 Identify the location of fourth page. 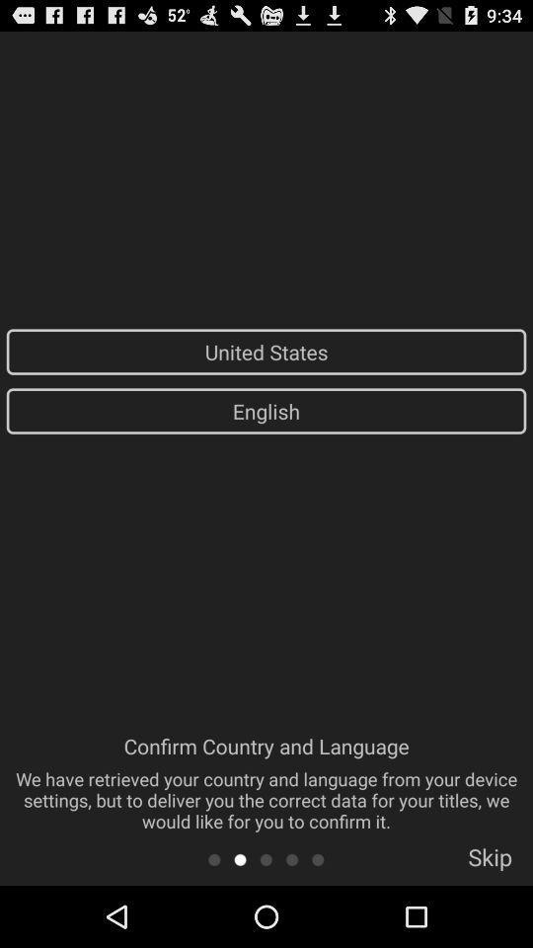
(291, 858).